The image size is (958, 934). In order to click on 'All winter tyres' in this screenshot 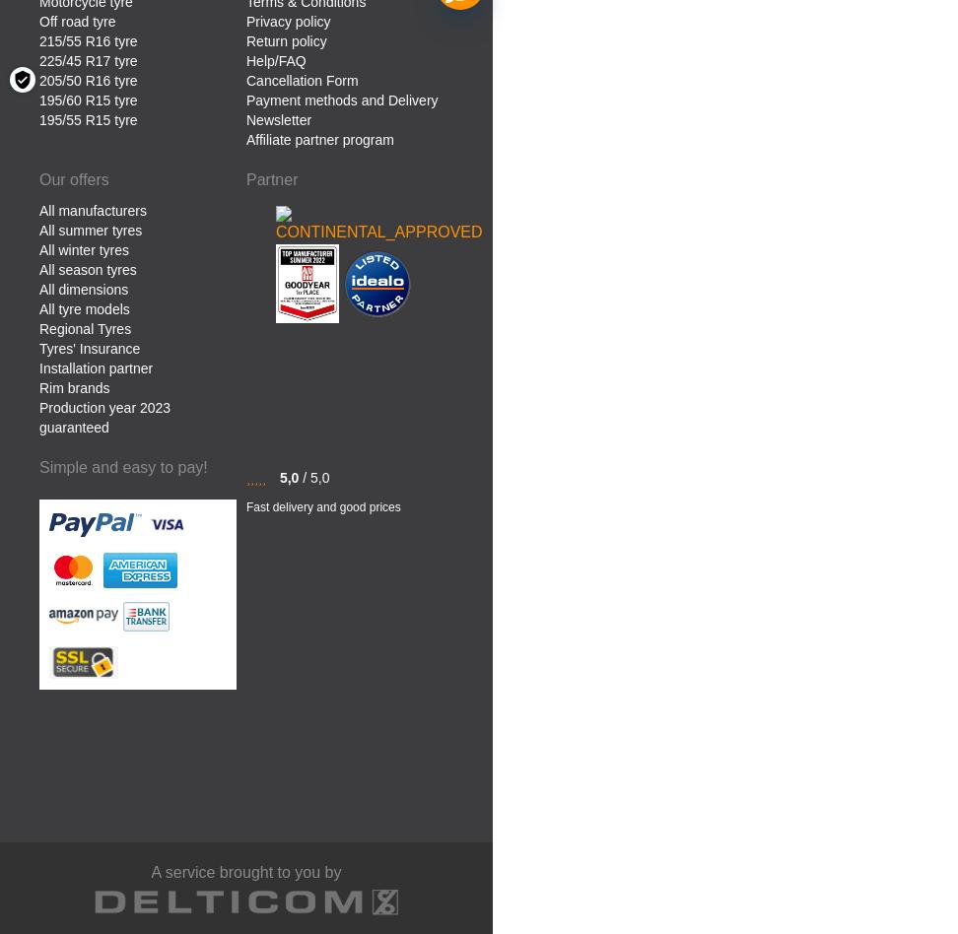, I will do `click(83, 249)`.